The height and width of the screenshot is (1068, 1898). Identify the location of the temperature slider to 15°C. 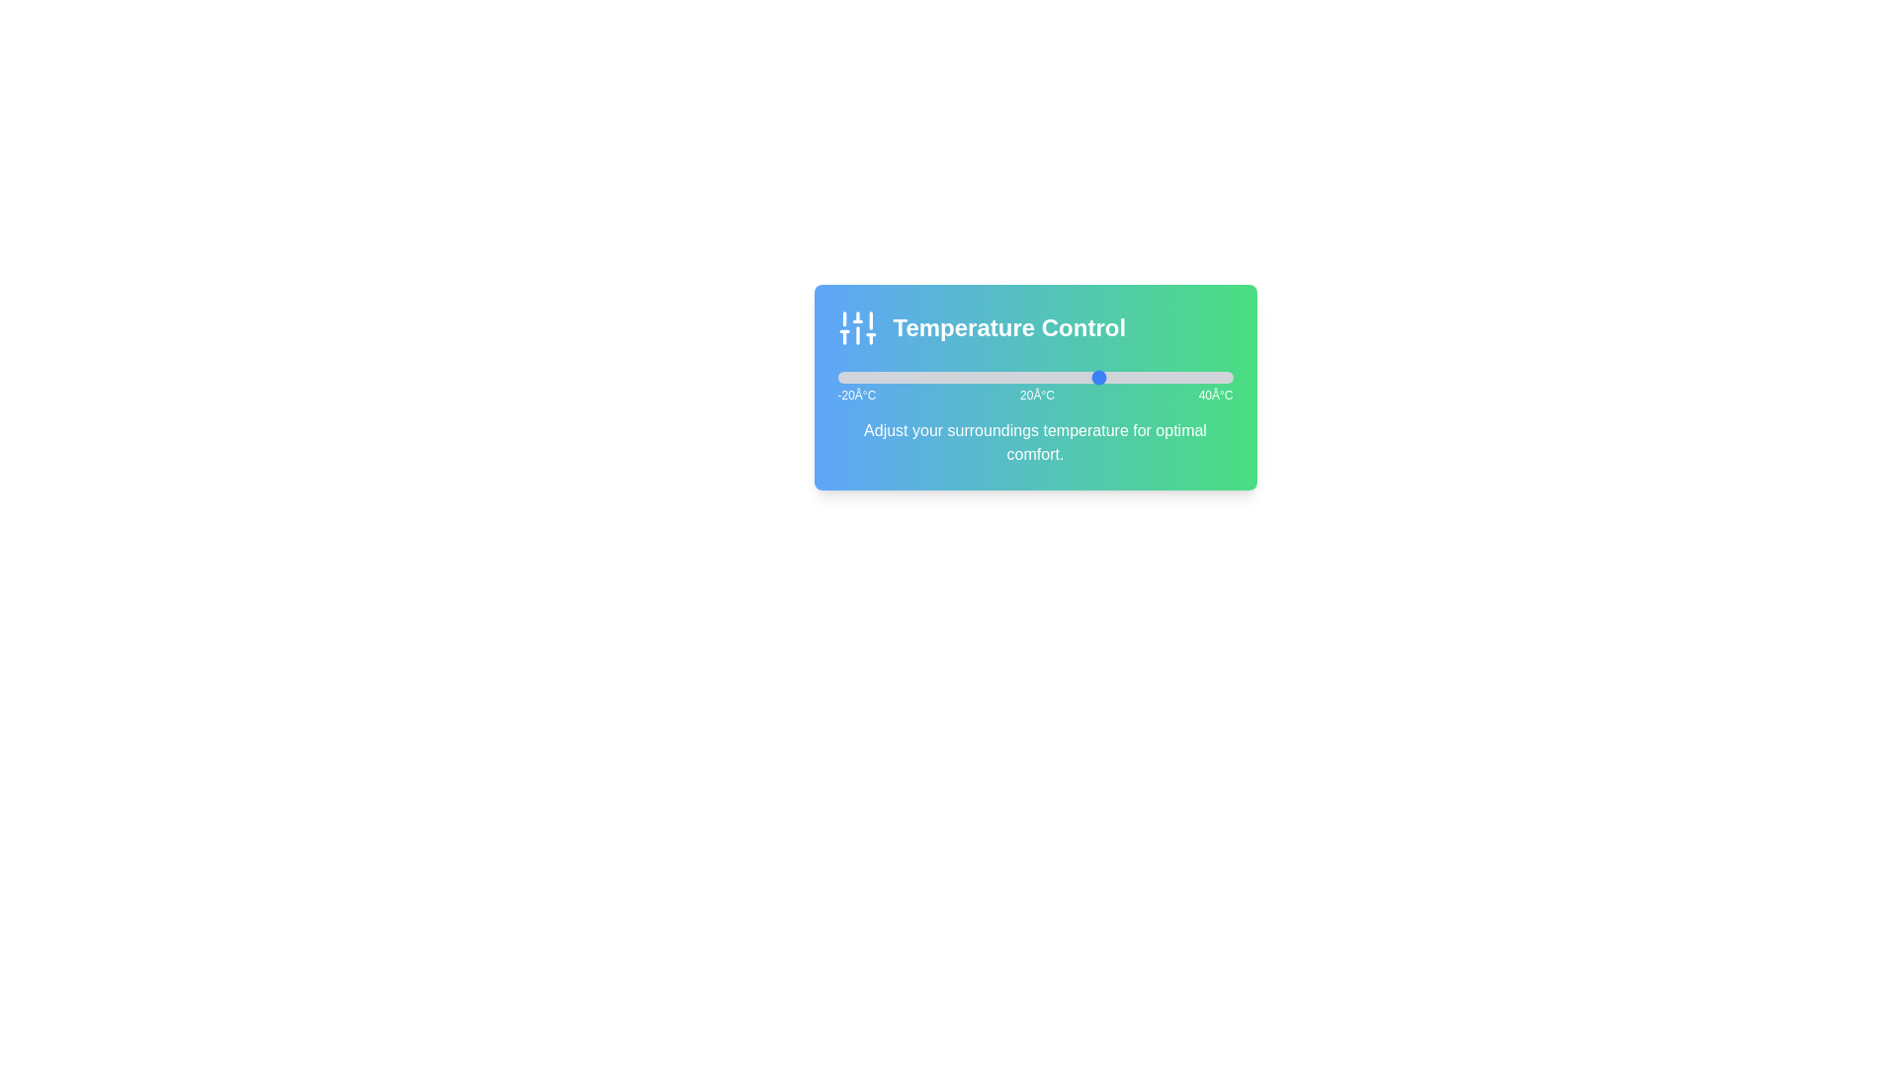
(1067, 377).